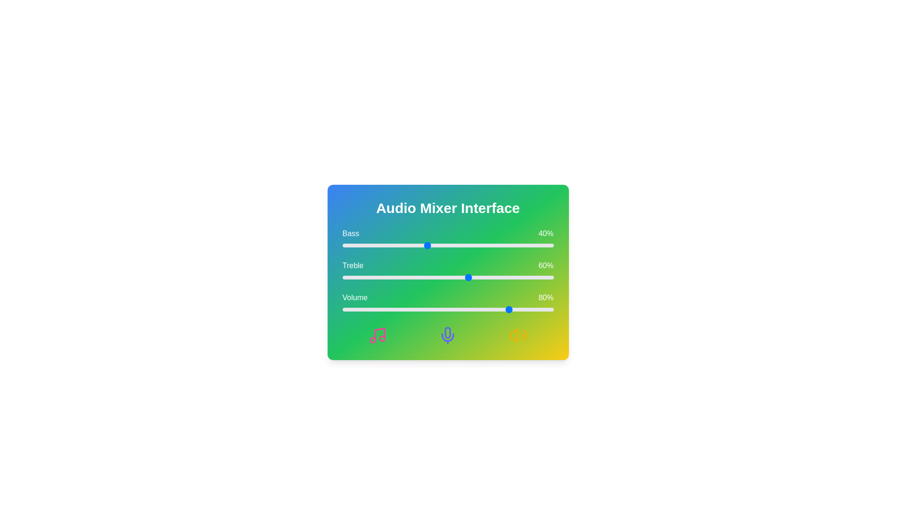 This screenshot has width=905, height=509. I want to click on the music icon located at the bottom-left of the interface, so click(378, 335).